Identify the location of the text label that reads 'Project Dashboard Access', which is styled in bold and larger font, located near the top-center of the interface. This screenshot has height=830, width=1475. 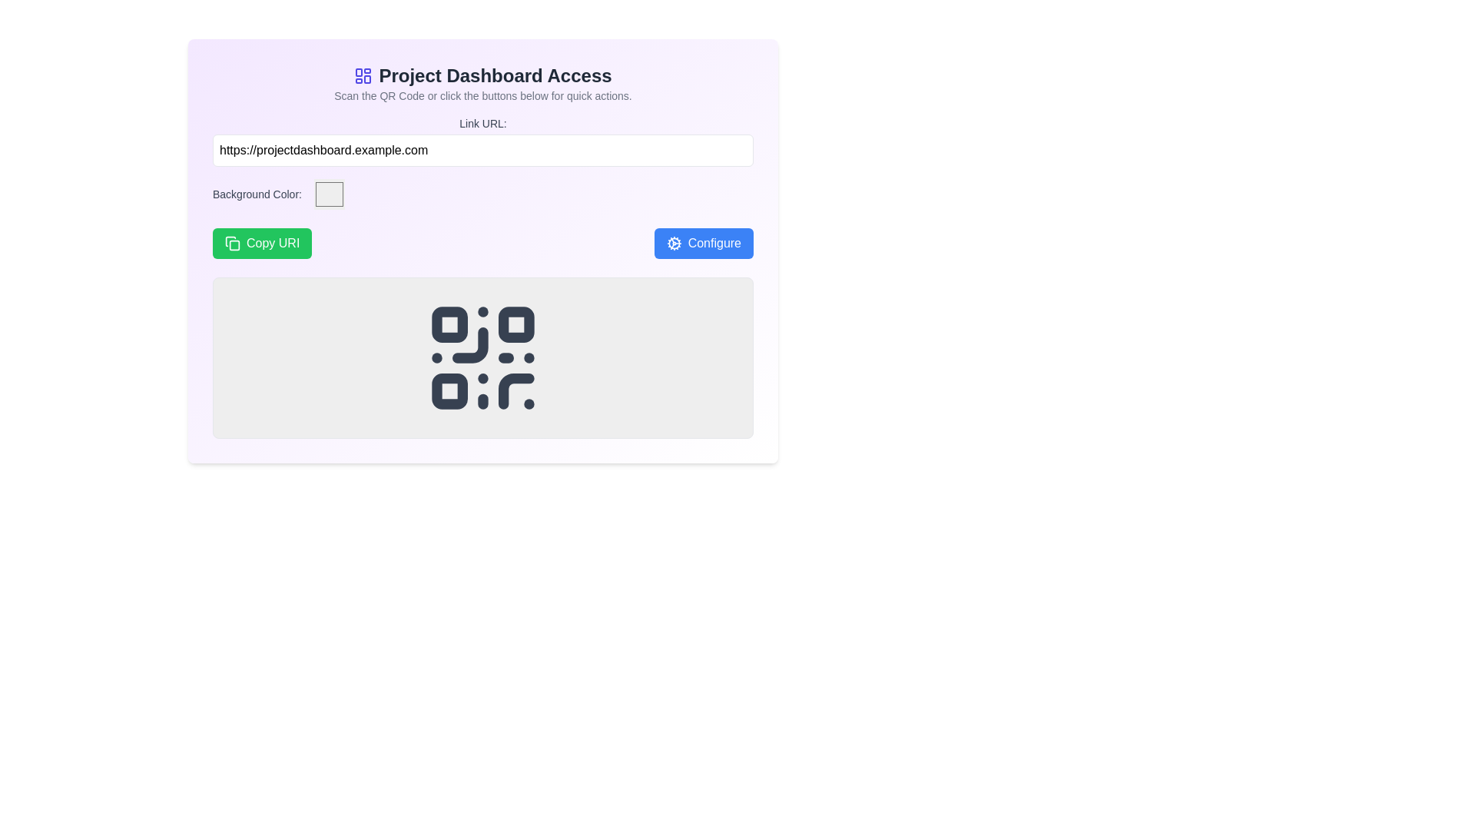
(482, 76).